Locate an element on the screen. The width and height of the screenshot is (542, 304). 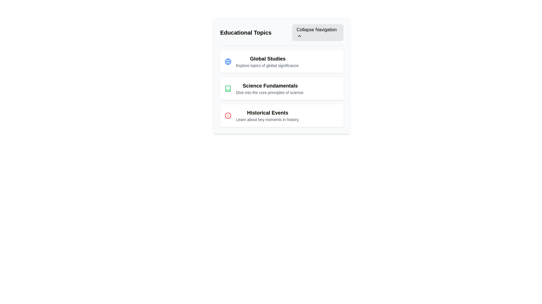
the Text block that provides information about historical topics, positioned as the third item in a vertical list of content cards below 'Global Studies' and 'Science Fundamentals' is located at coordinates (267, 115).